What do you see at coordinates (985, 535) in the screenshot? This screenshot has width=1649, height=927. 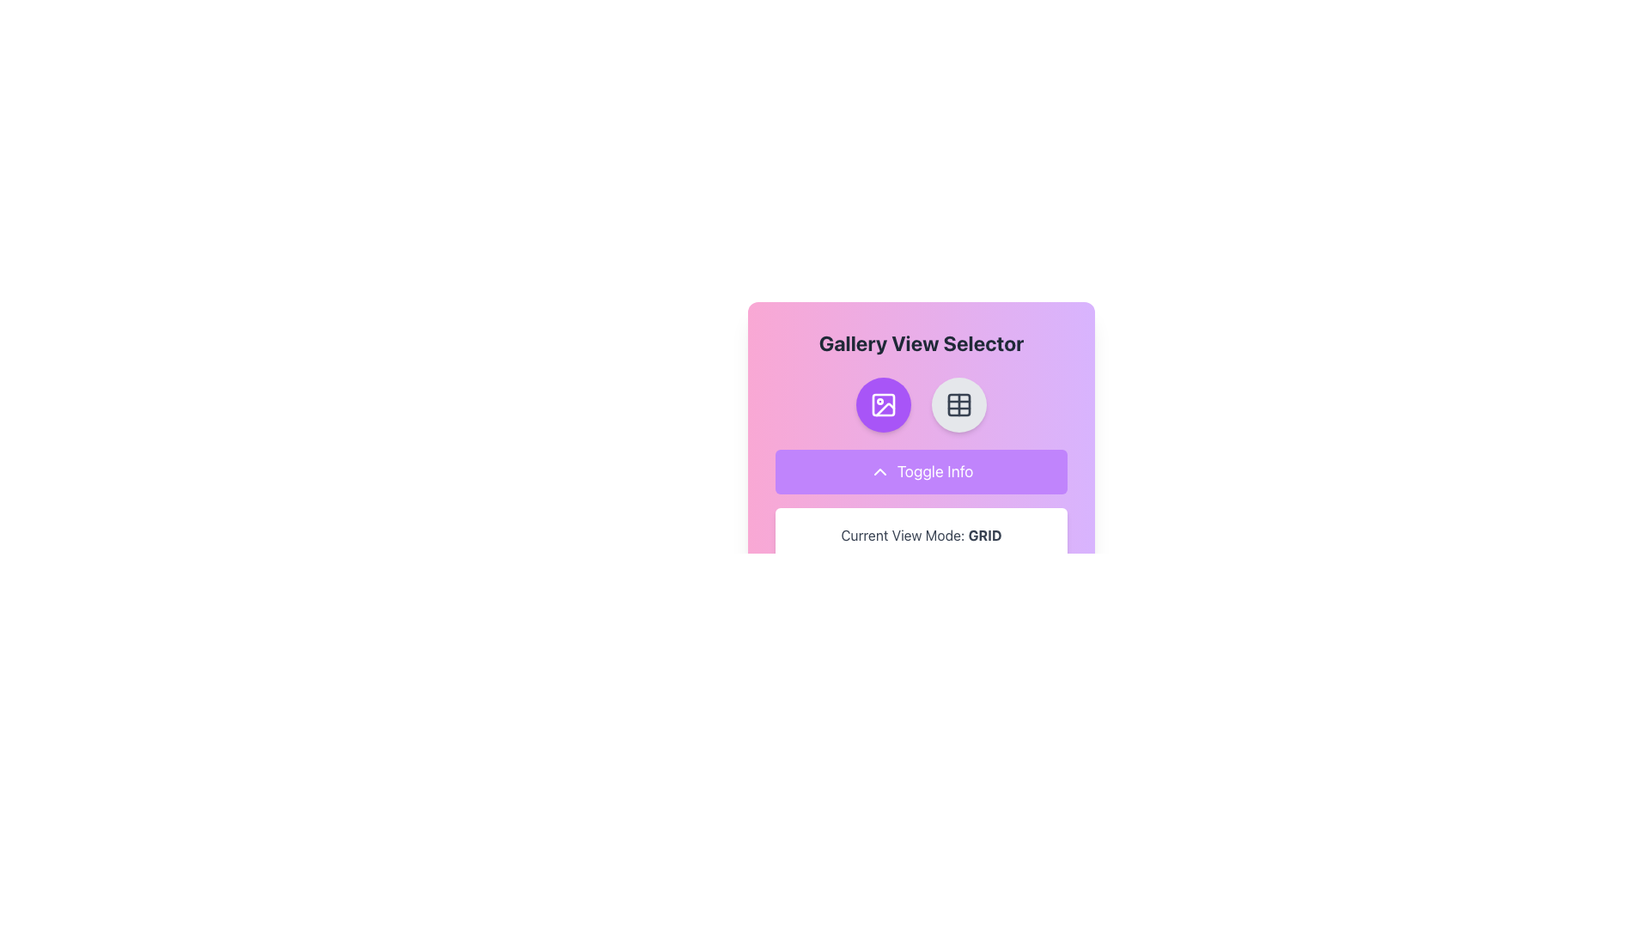 I see `the text label displaying 'GRID' in bold dark-gray font, which is part of the sentence 'Current View Mode: GRID', located beneath the 'Toggle Info' button` at bounding box center [985, 535].